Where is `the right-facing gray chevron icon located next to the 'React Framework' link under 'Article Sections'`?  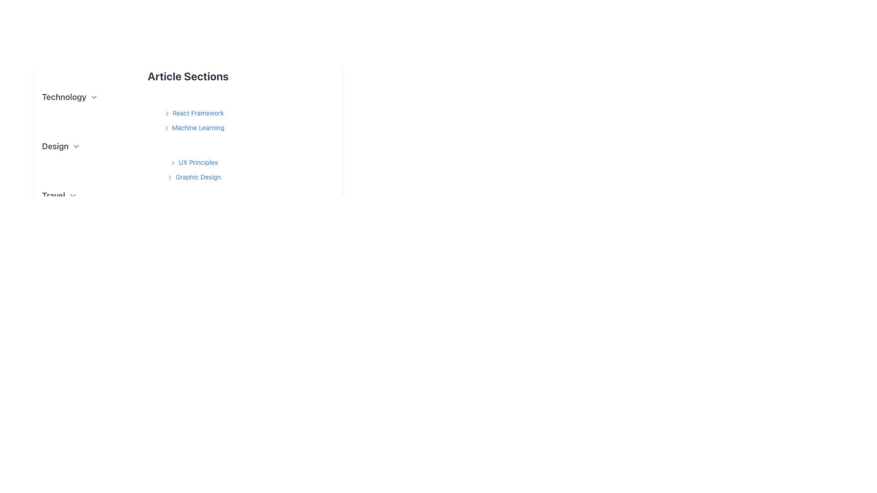 the right-facing gray chevron icon located next to the 'React Framework' link under 'Article Sections' is located at coordinates (167, 113).